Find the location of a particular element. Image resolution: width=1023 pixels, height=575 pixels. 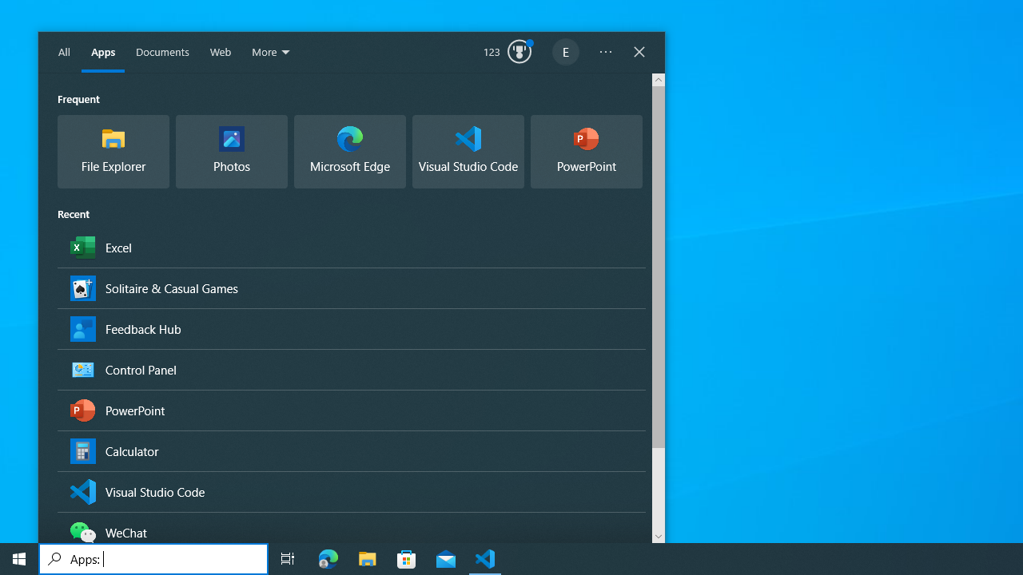

'Microsoft Edge, Microsoft recommended browser' is located at coordinates (349, 152).